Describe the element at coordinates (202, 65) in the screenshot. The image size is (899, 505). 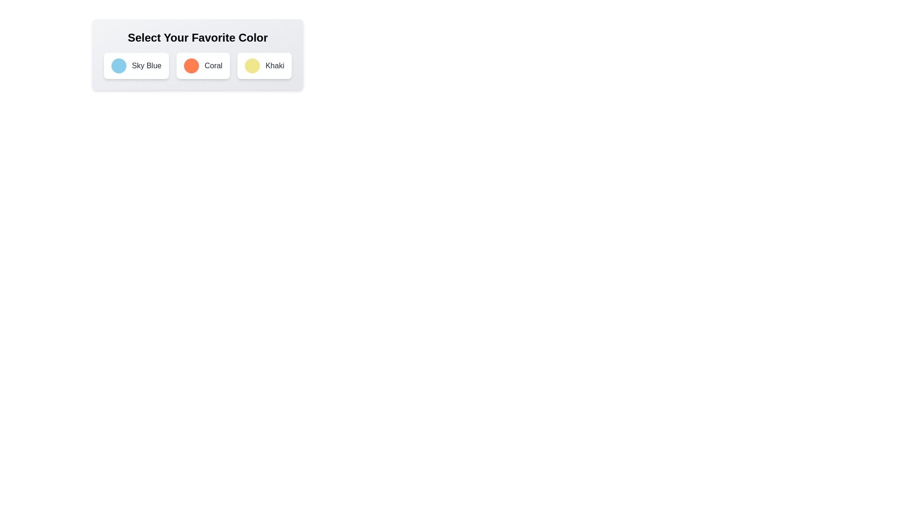
I see `the layout of the swatches by selecting Coral` at that location.